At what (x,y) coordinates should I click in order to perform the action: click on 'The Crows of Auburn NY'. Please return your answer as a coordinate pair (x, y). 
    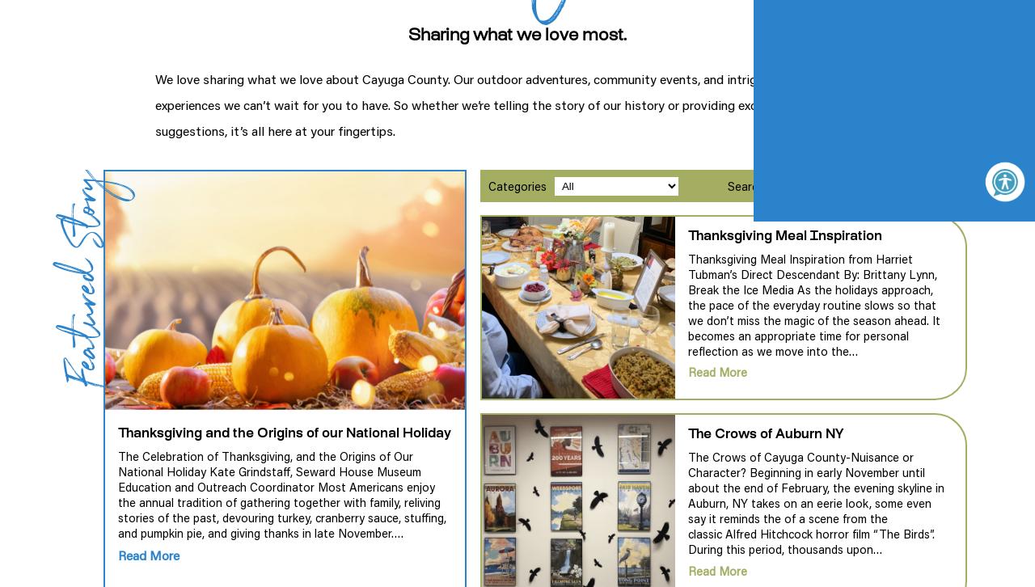
    Looking at the image, I should click on (764, 435).